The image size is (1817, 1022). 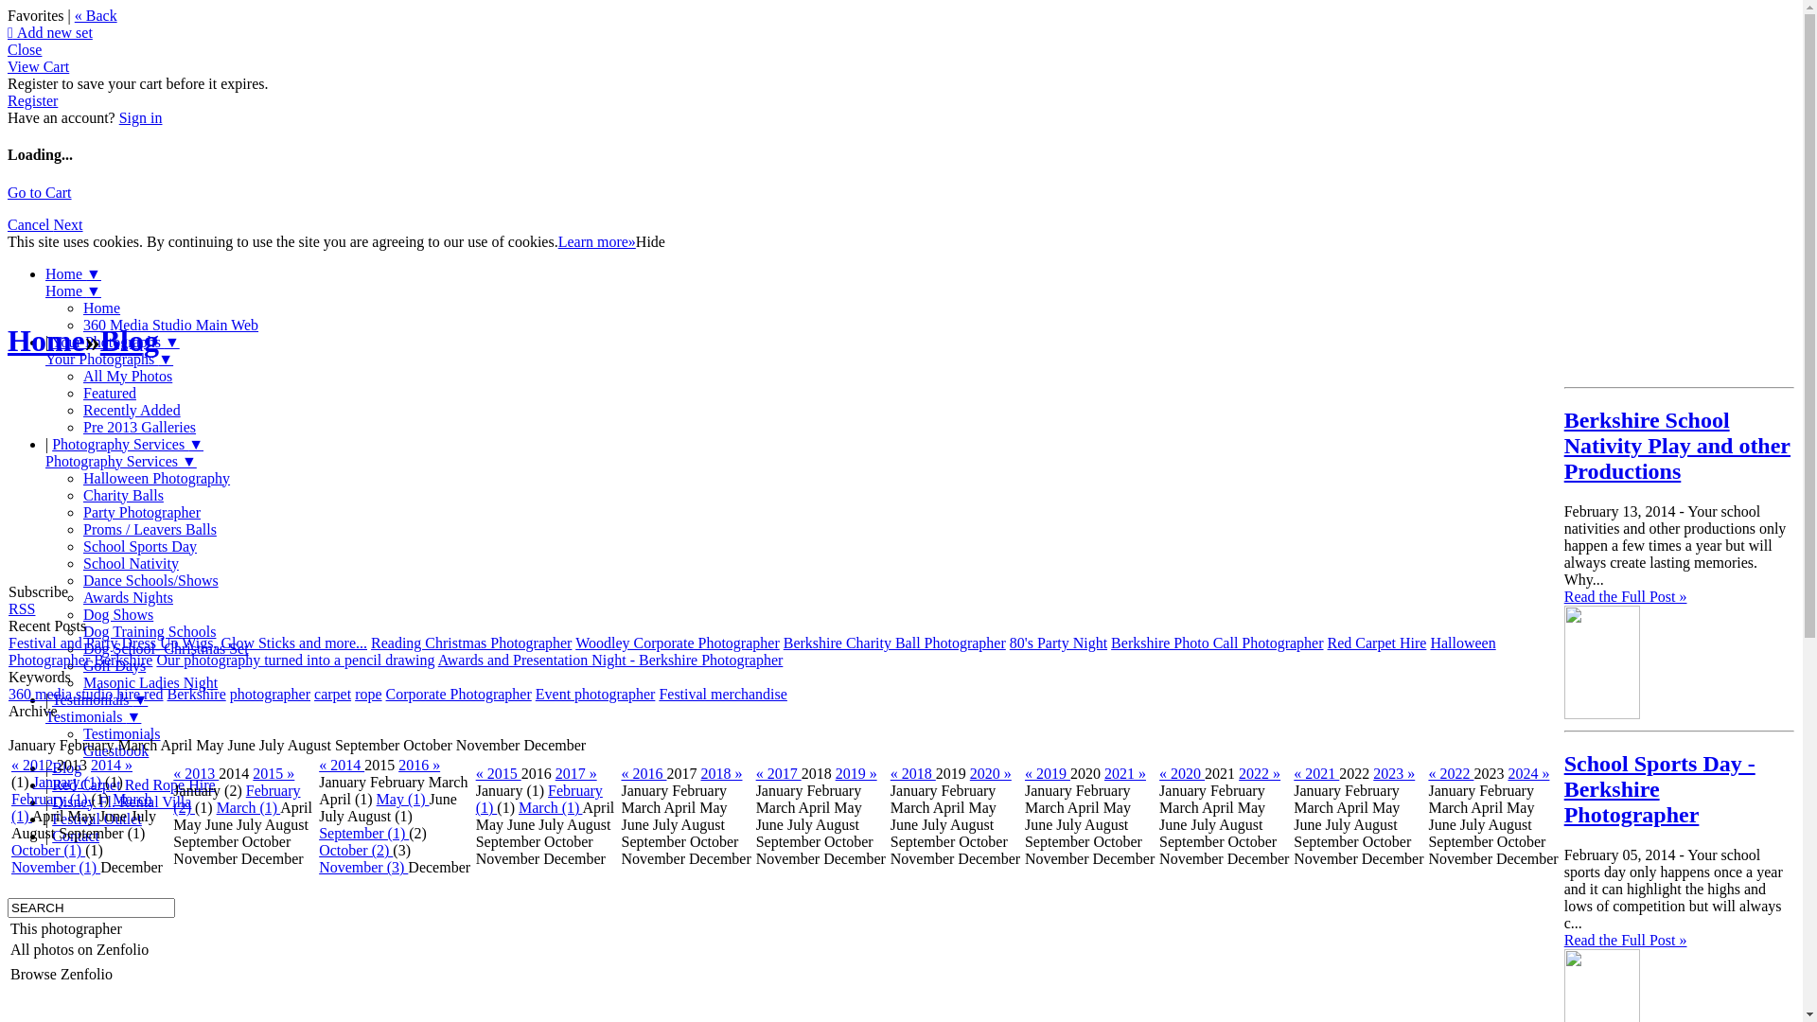 I want to click on 'Golf Days', so click(x=113, y=664).